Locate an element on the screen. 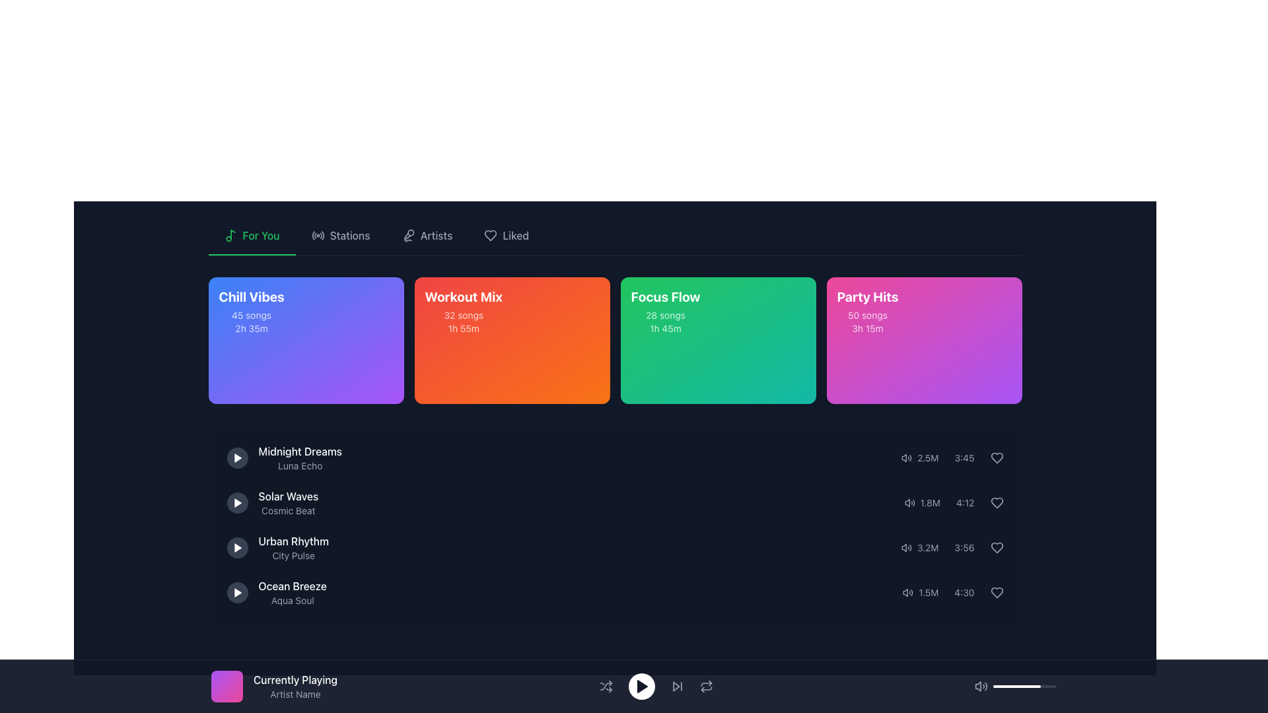 This screenshot has width=1268, height=713. slider value is located at coordinates (996, 686).